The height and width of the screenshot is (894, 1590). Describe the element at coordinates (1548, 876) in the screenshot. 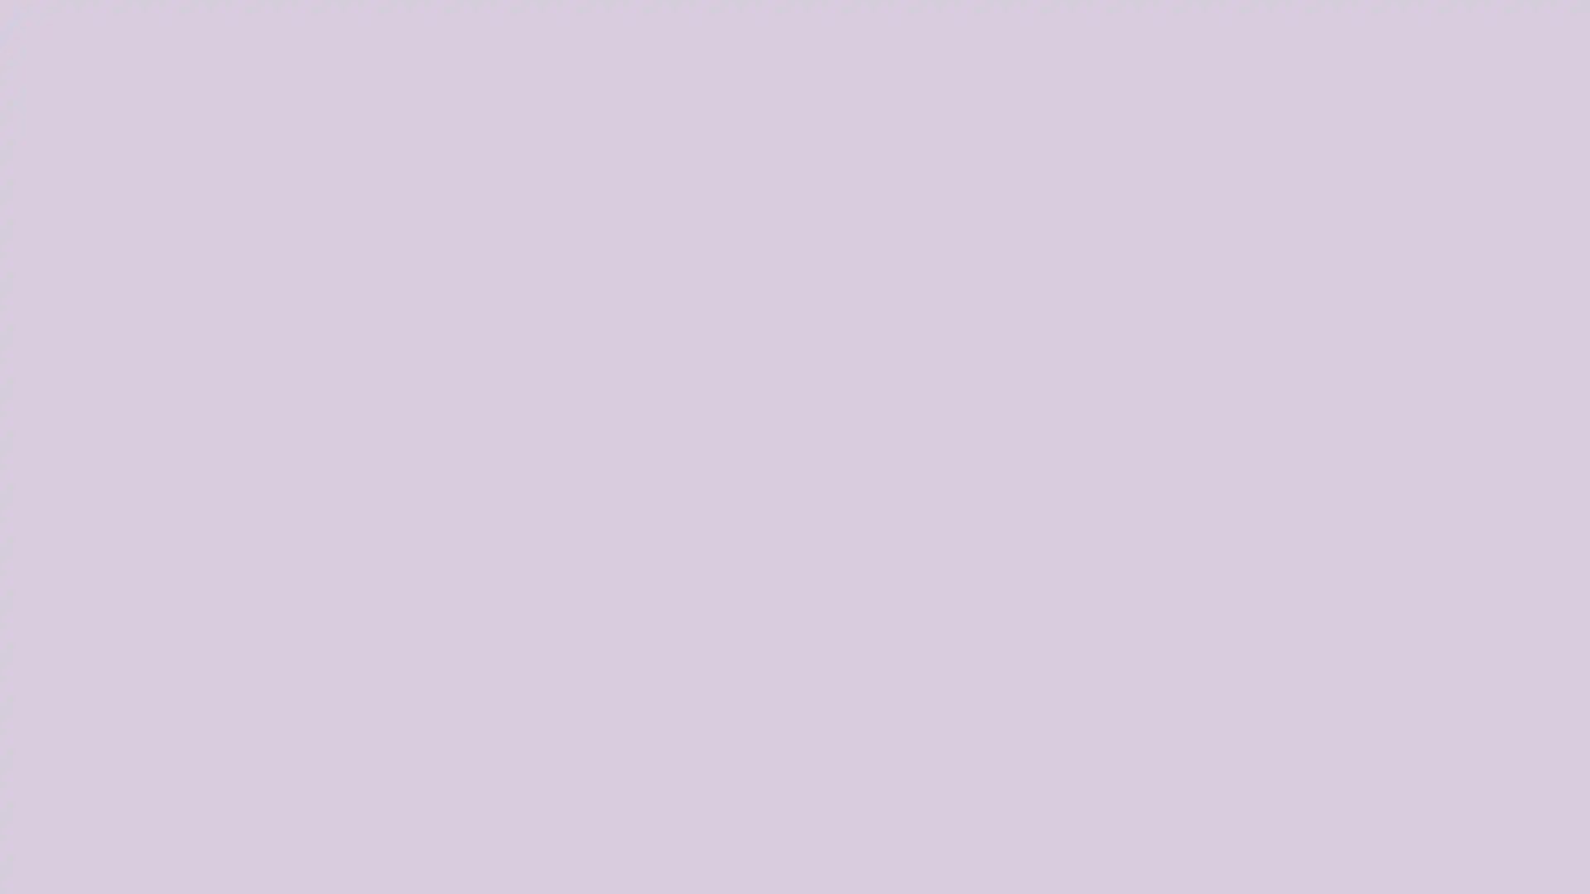

I see `Login` at that location.